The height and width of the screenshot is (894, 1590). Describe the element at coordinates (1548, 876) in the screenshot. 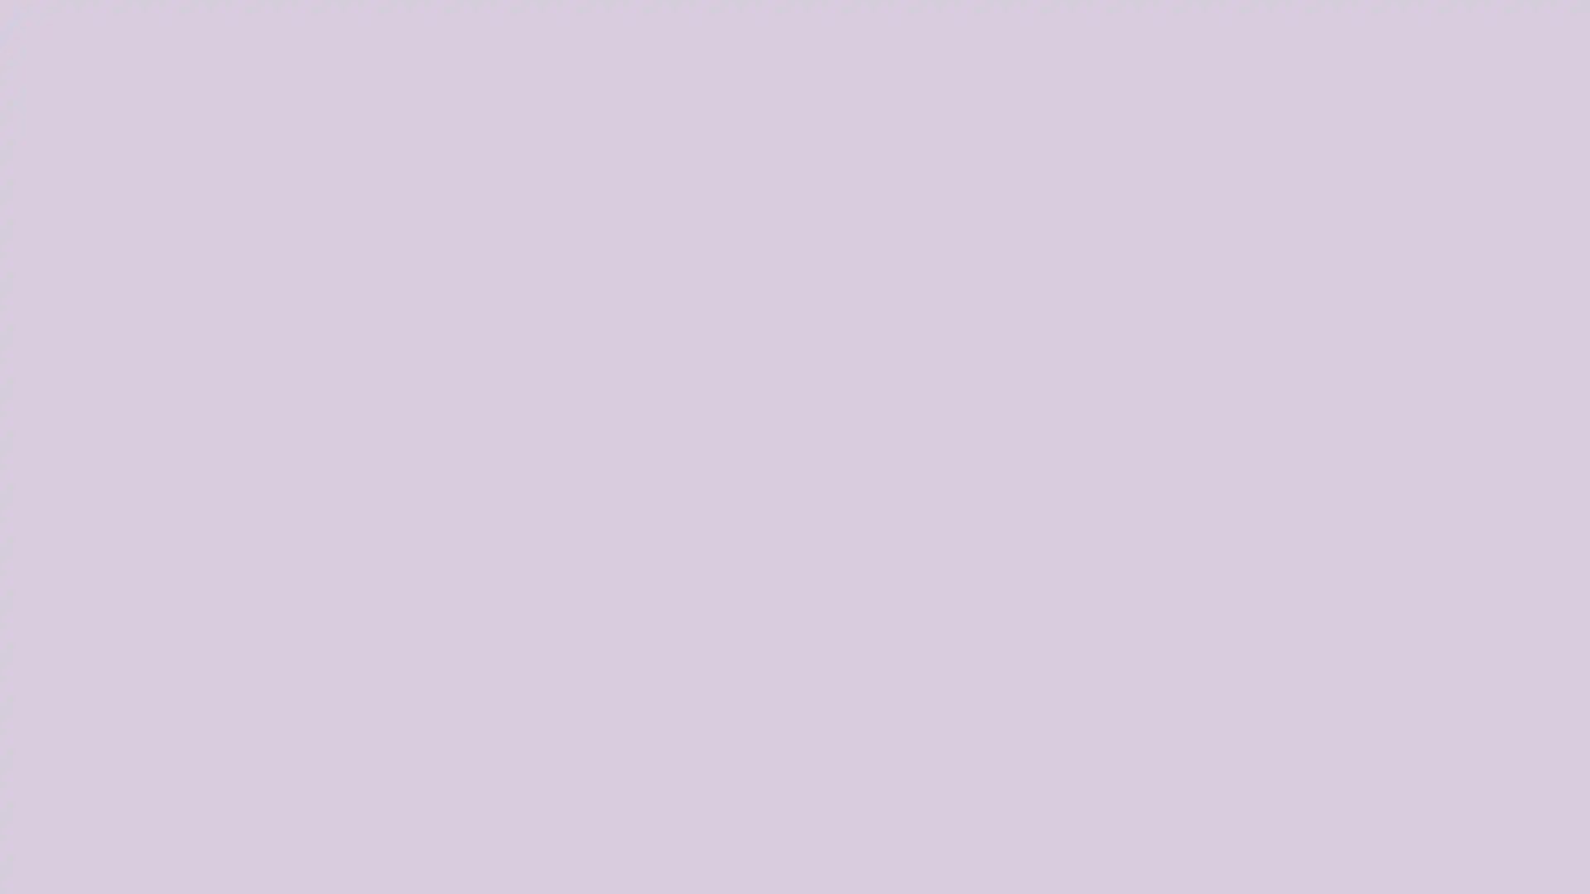

I see `Login` at that location.